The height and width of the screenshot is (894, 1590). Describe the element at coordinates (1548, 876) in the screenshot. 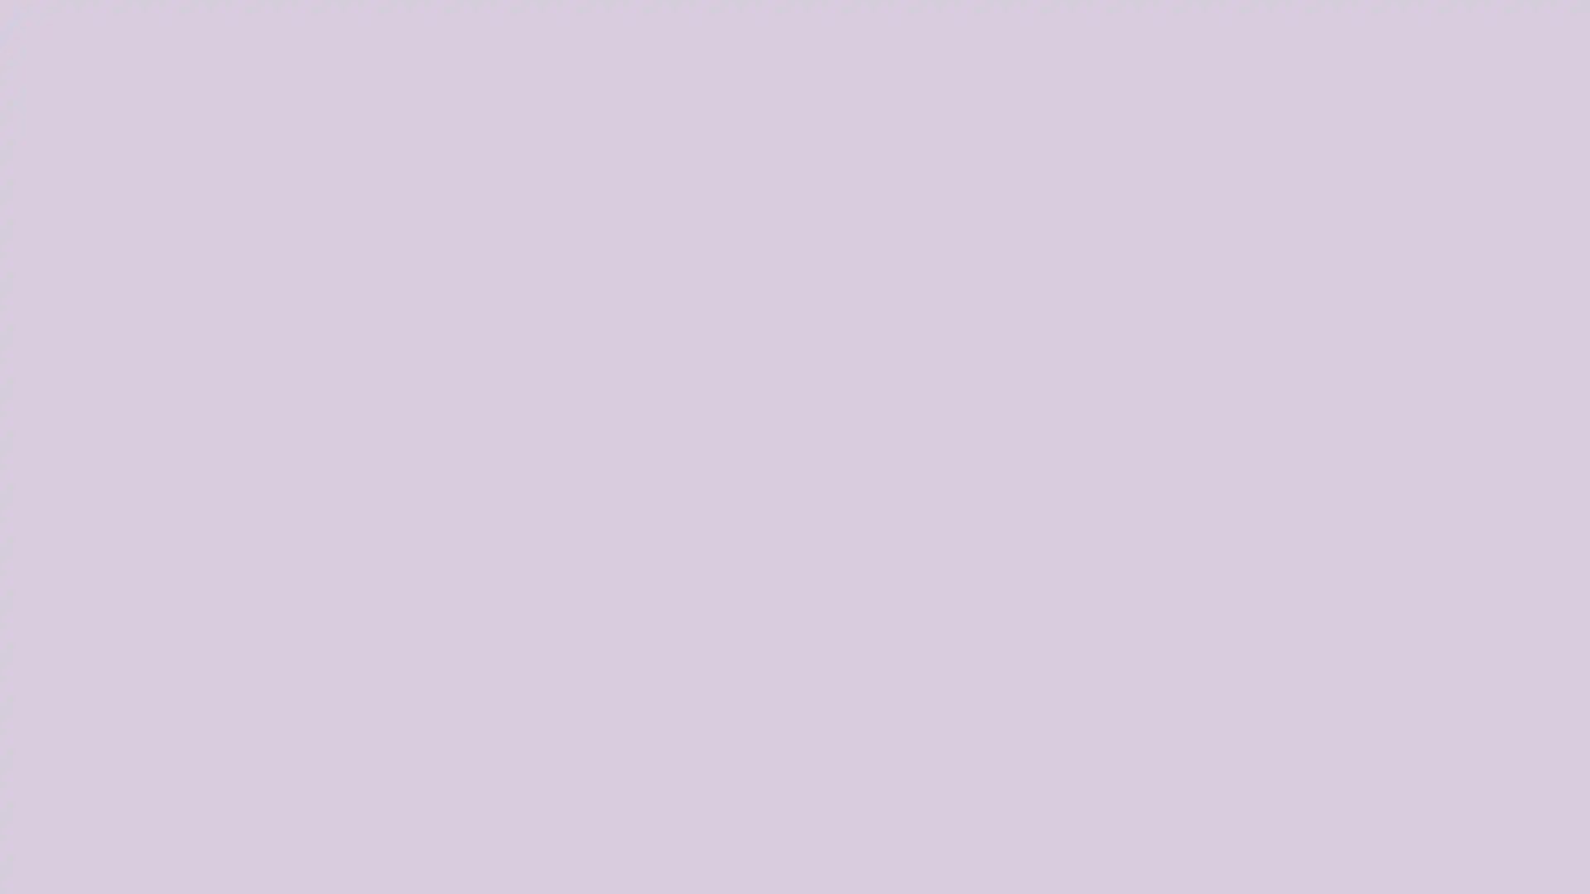

I see `Login` at that location.